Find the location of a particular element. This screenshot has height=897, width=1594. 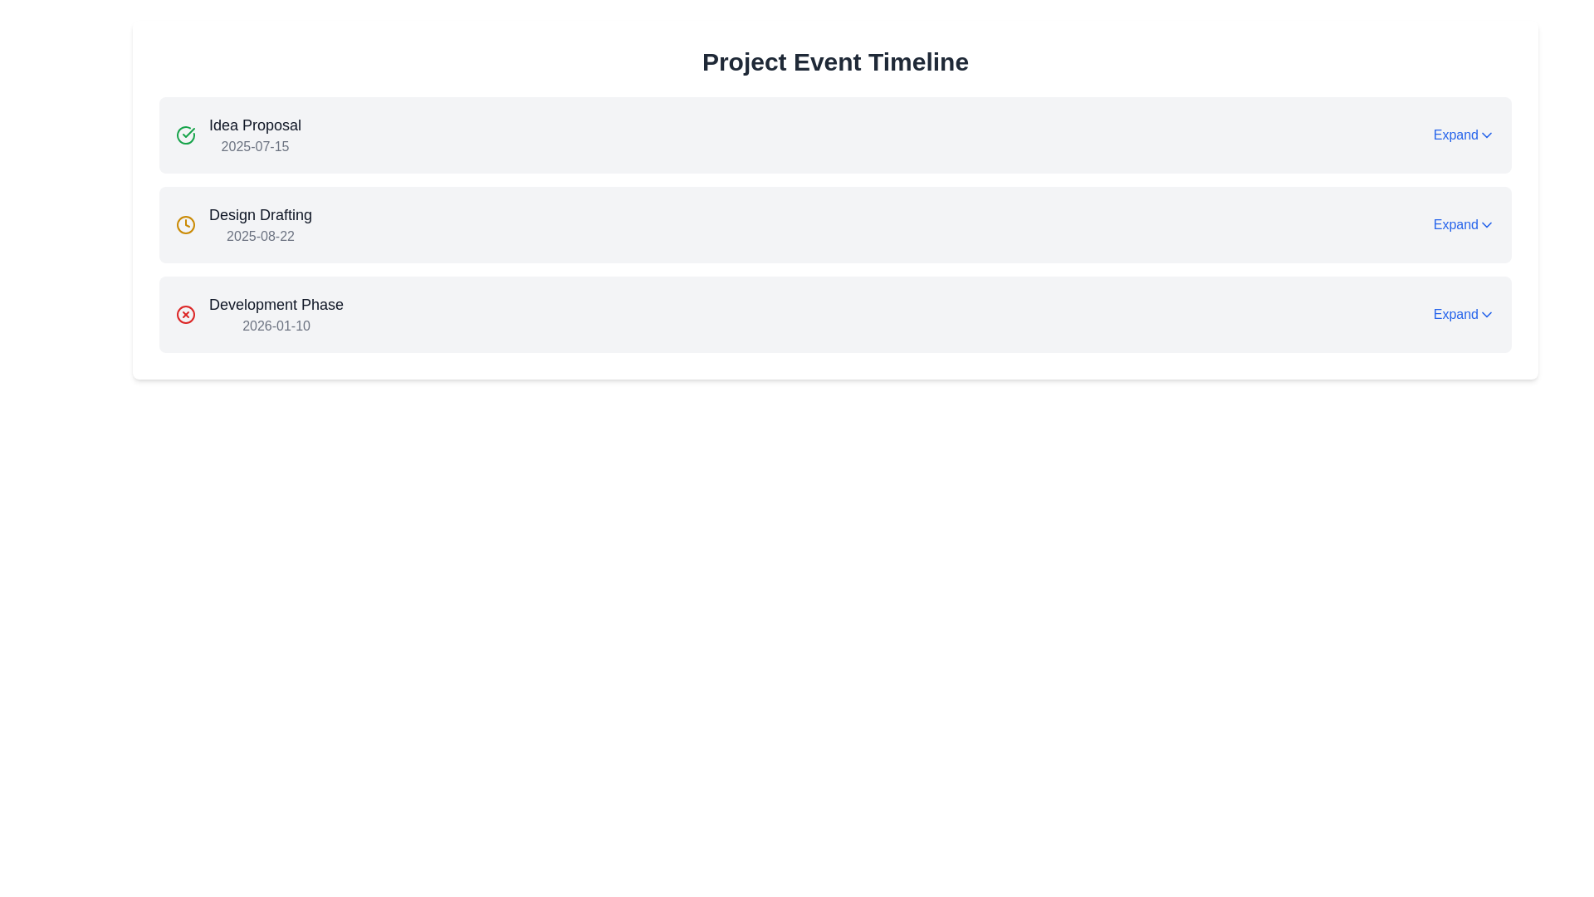

the interactive arrow icon located at the far-right side of the 'Expand' text in the second item of the event timeline list is located at coordinates (1486, 224).